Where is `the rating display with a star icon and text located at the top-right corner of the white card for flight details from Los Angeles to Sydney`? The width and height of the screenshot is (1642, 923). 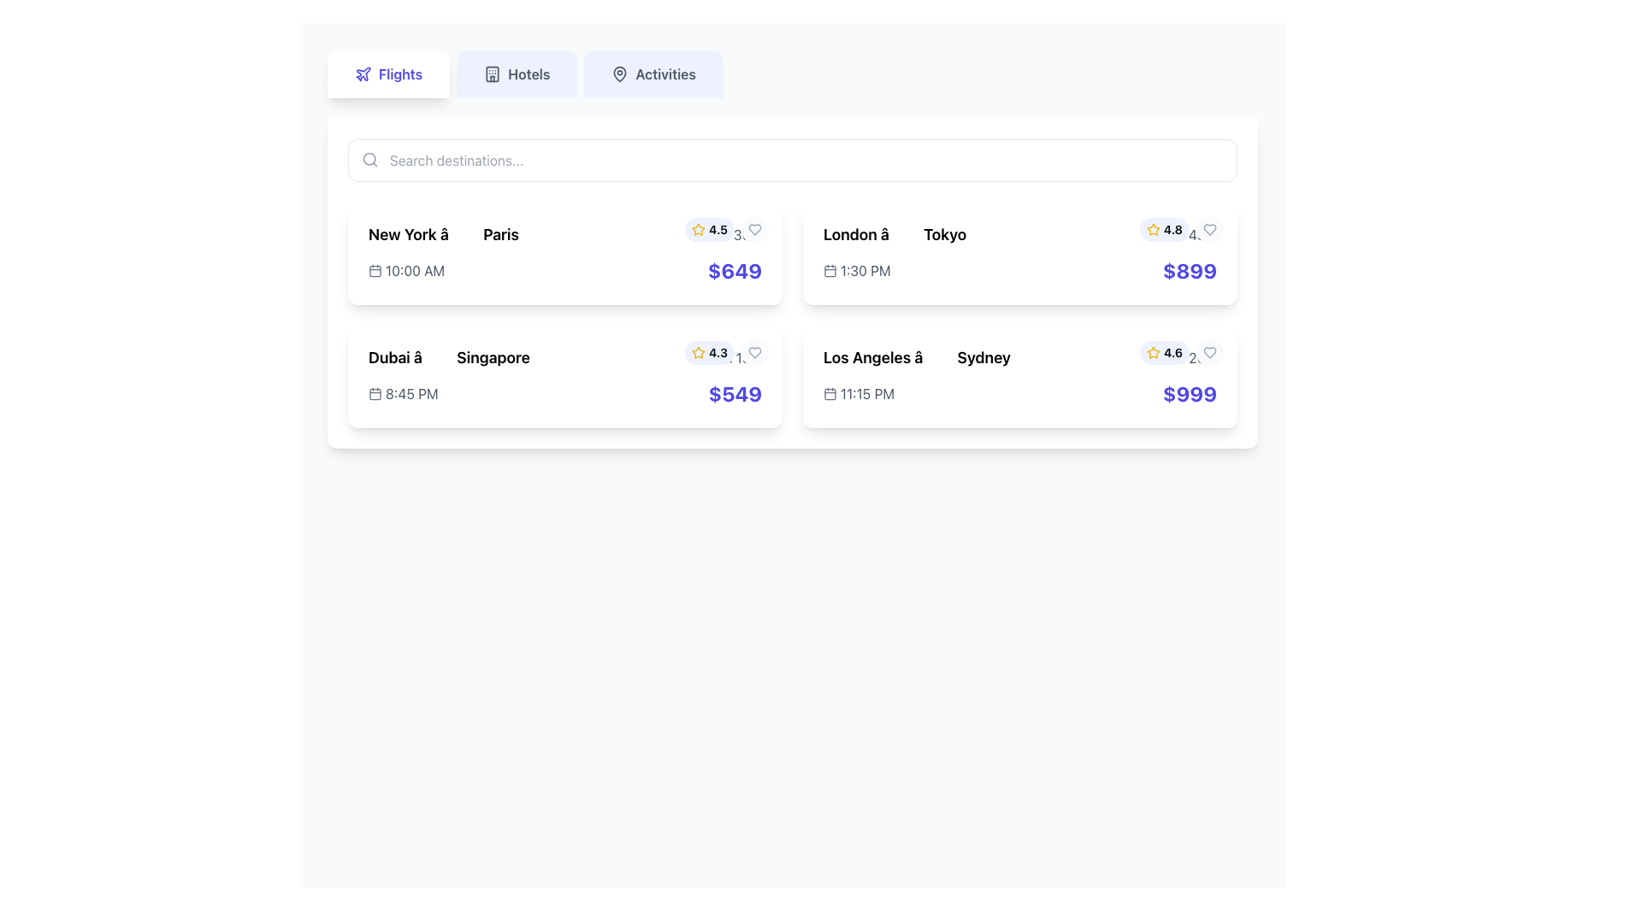
the rating display with a star icon and text located at the top-right corner of the white card for flight details from Los Angeles to Sydney is located at coordinates (1181, 351).